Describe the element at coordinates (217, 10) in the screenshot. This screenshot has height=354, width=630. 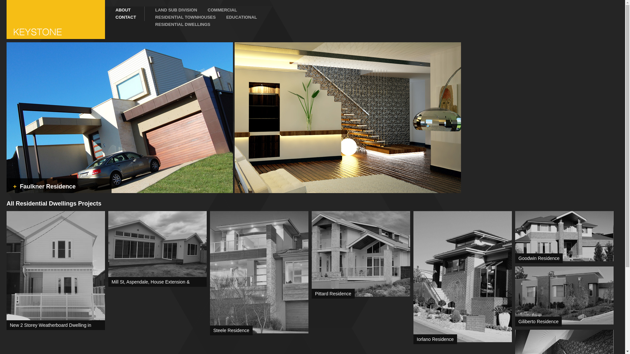
I see `'COMMERCIAL'` at that location.